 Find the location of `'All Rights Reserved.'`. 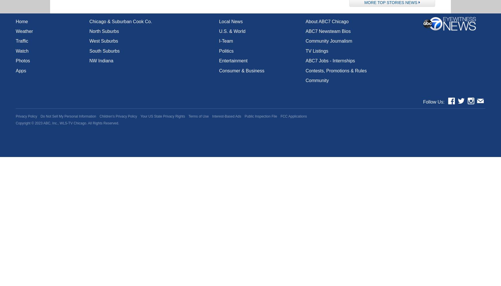

'All Rights Reserved.' is located at coordinates (103, 123).